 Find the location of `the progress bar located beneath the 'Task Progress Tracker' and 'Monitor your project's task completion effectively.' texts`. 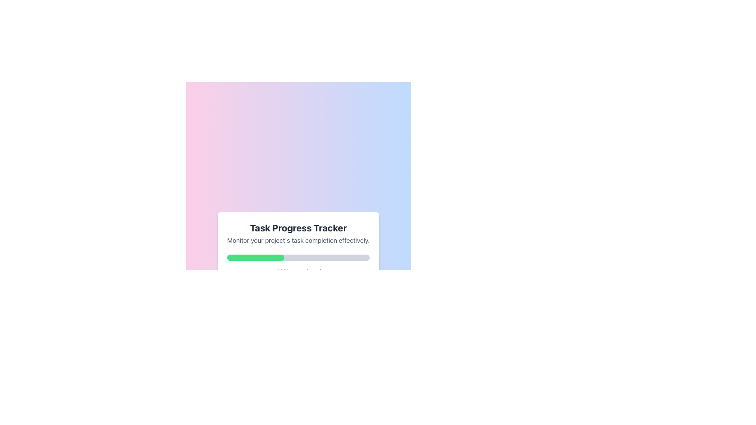

the progress bar located beneath the 'Task Progress Tracker' and 'Monitor your project's task completion effectively.' texts is located at coordinates (298, 258).